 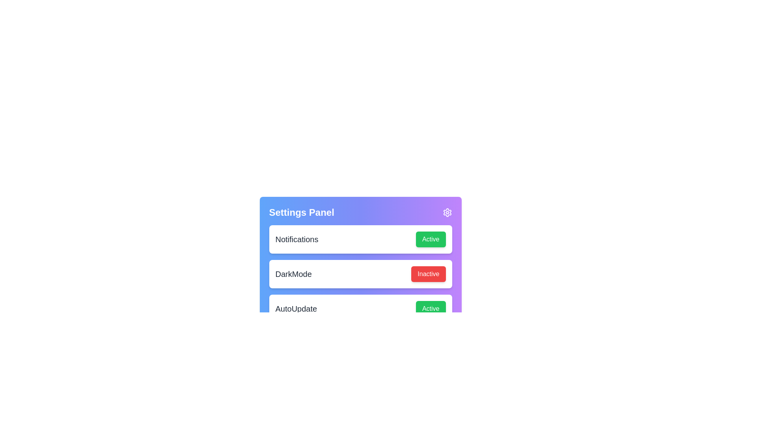 What do you see at coordinates (430, 308) in the screenshot?
I see `the button labeled Active (AutoUpdate) to observe its hover effect` at bounding box center [430, 308].